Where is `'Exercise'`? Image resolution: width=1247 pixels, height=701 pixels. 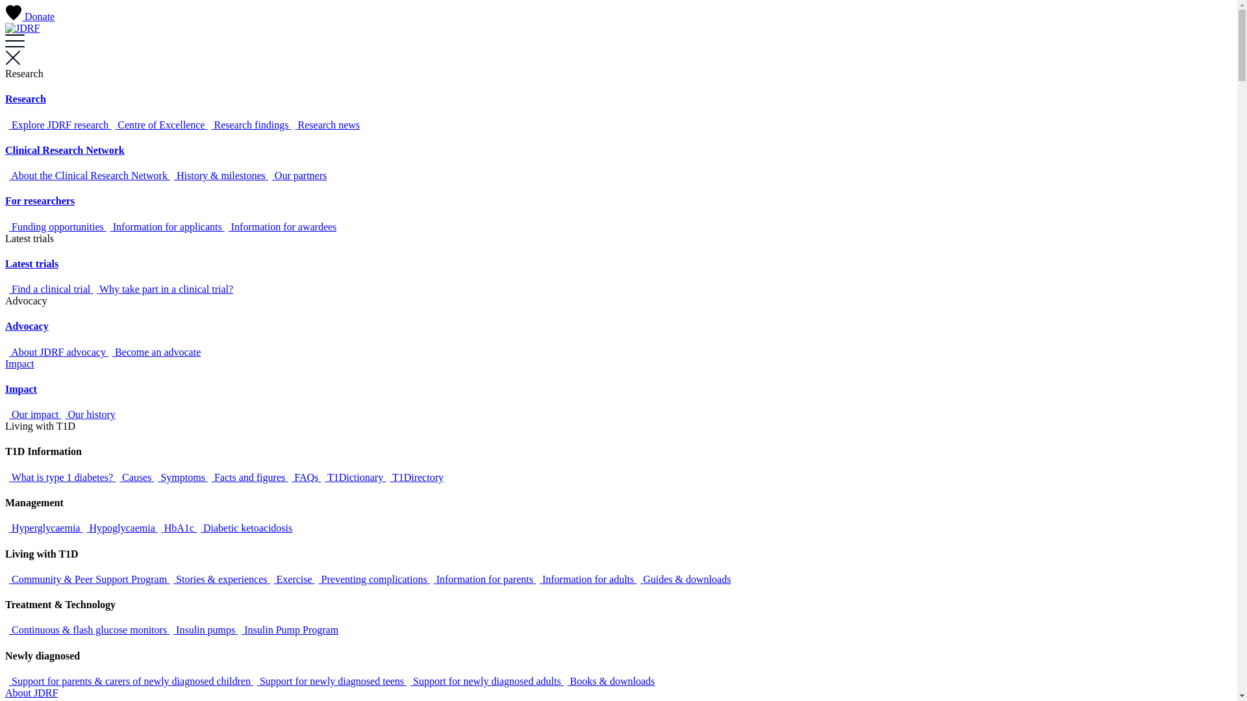
'Exercise' is located at coordinates (270, 578).